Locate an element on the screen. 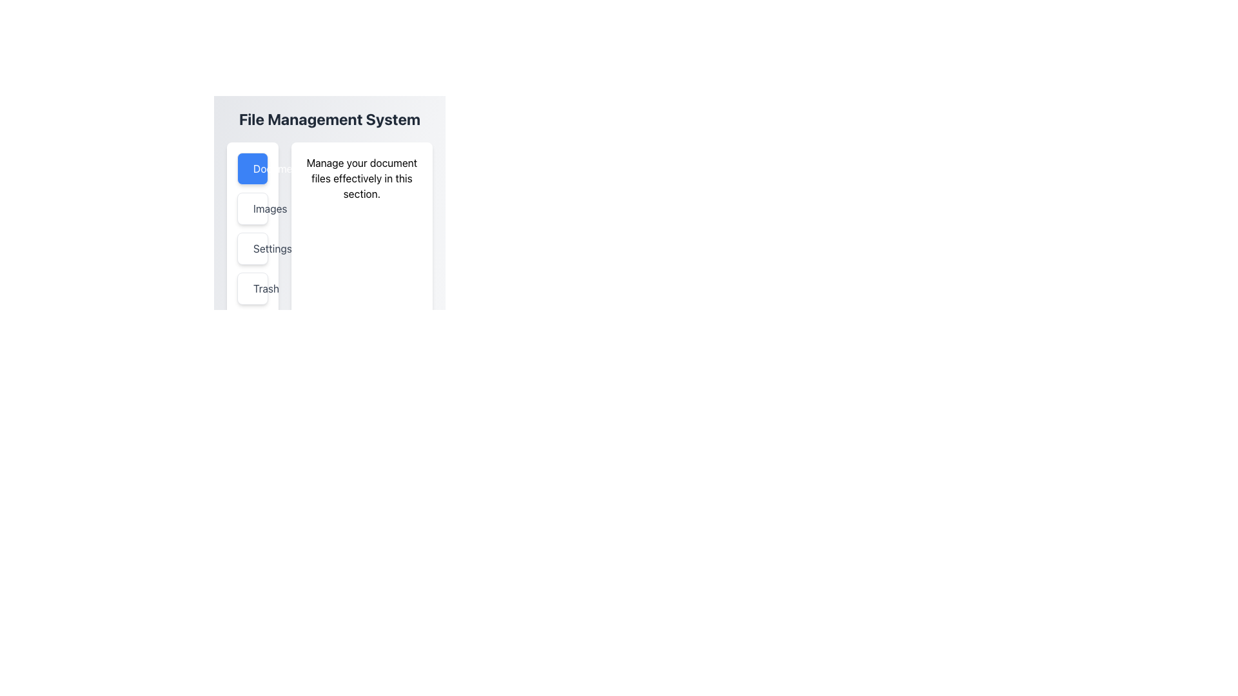  the 'Settings' menu item located within the vertical list of the File Management System is located at coordinates (252, 227).